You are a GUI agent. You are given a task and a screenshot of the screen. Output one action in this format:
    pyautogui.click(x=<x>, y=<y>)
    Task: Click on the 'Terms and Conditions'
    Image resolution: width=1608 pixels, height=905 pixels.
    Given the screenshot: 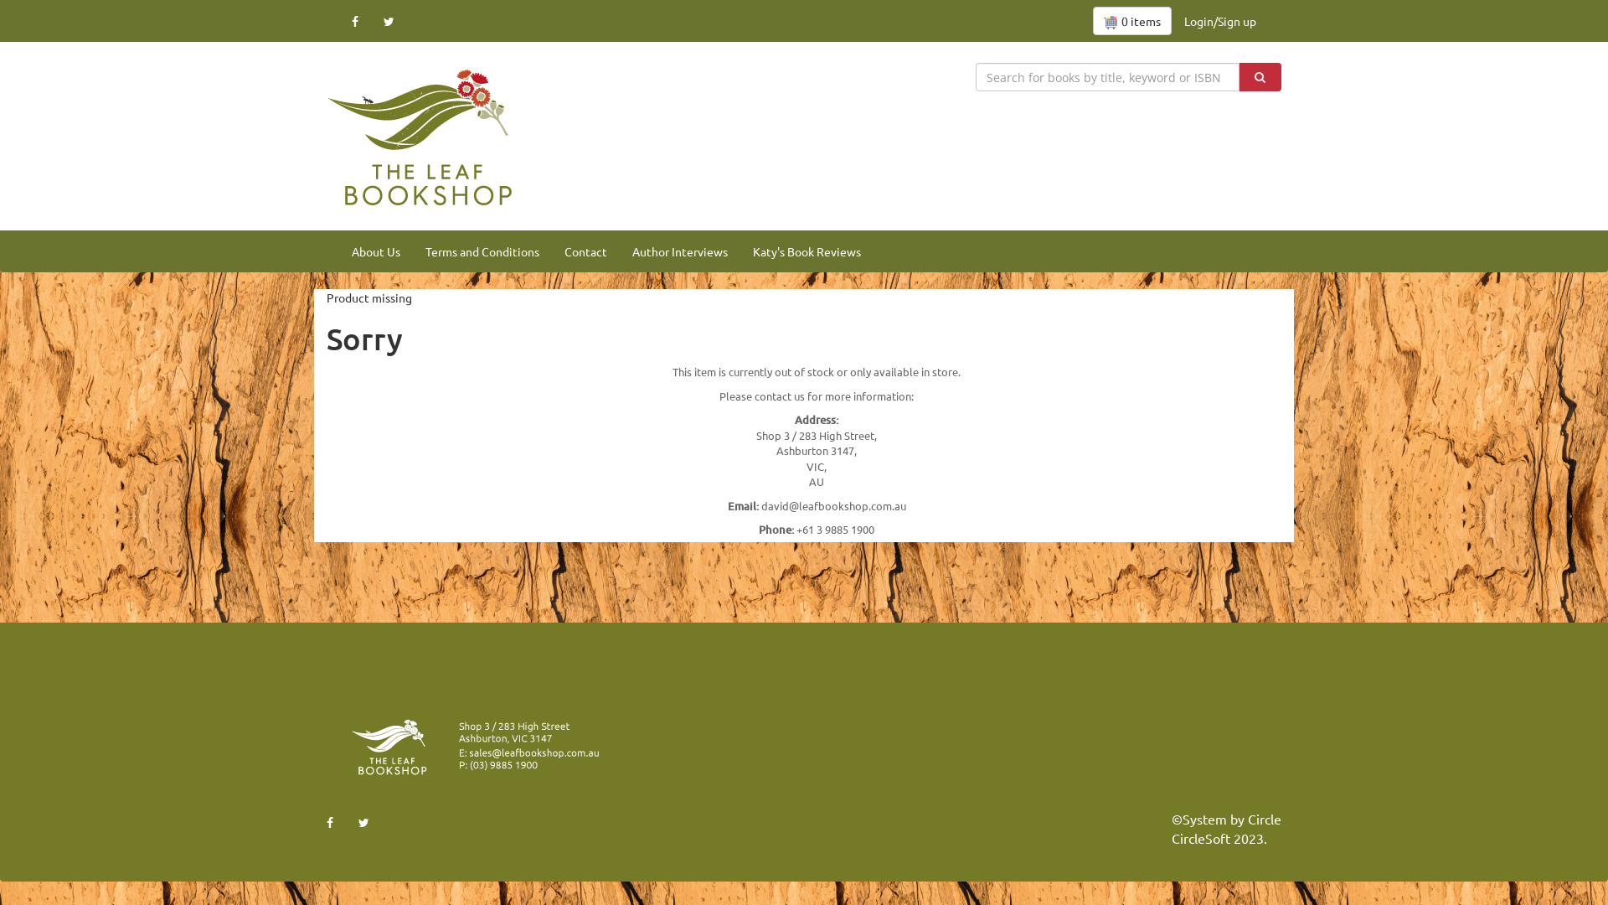 What is the action you would take?
    pyautogui.click(x=482, y=251)
    